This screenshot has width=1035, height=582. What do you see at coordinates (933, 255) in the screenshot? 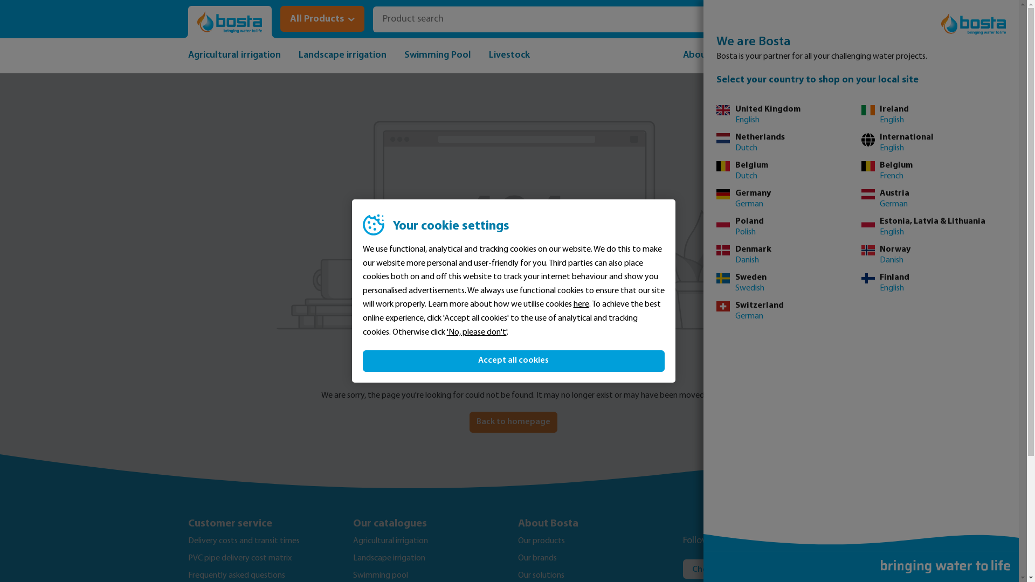
I see `'Norway` at bounding box center [933, 255].